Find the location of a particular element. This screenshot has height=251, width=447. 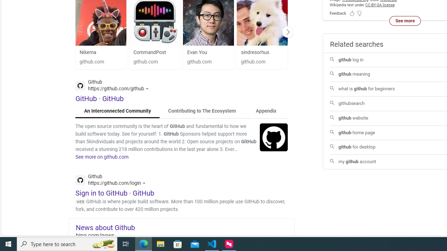

'Appendix' is located at coordinates (265, 111).